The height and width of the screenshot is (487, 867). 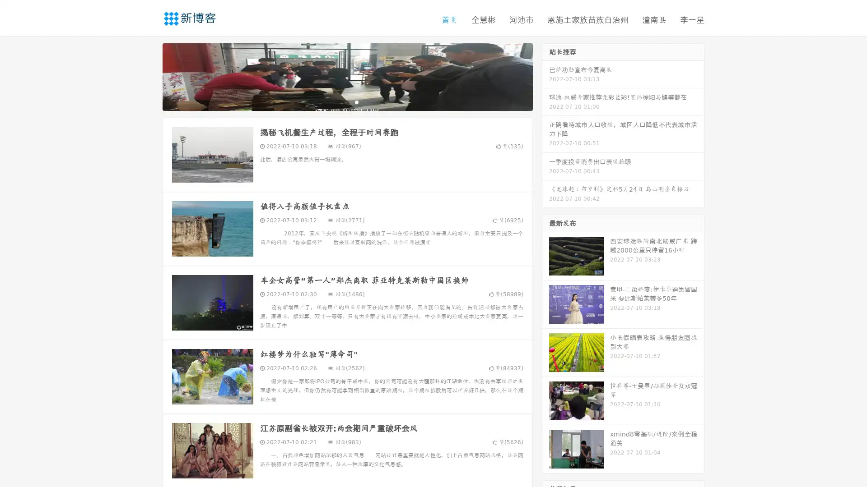 What do you see at coordinates (545, 76) in the screenshot?
I see `Next slide` at bounding box center [545, 76].